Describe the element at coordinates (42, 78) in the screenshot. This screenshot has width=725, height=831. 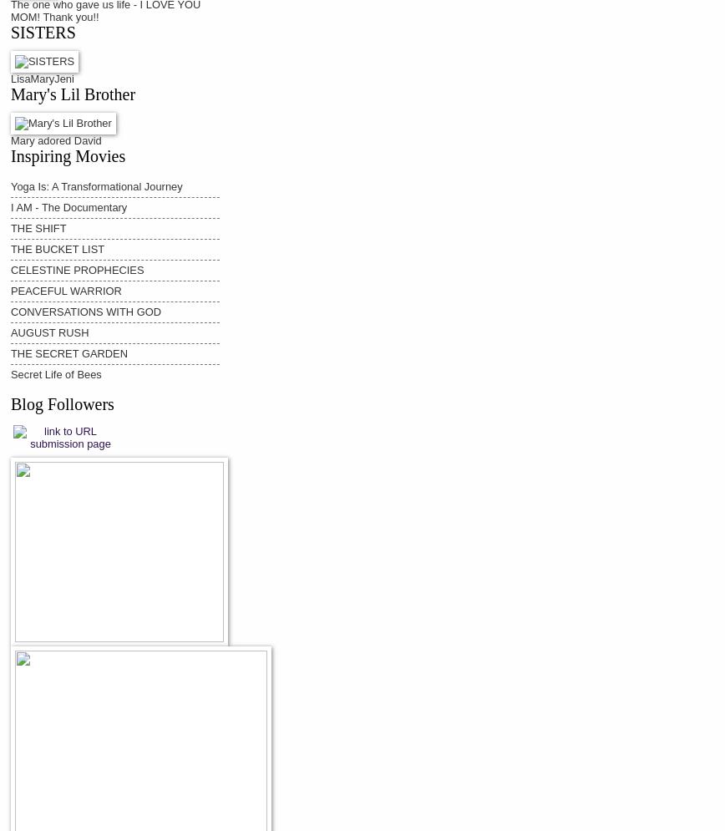
I see `'LisaMaryJeni'` at that location.